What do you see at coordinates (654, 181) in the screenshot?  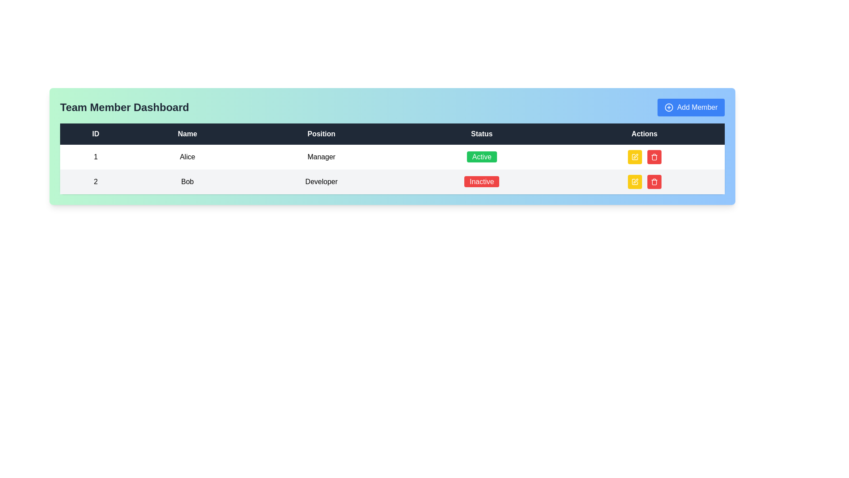 I see `the red button with a trash can icon located in the actions column of the second row in the table, adjacent to the yellow edit button` at bounding box center [654, 181].